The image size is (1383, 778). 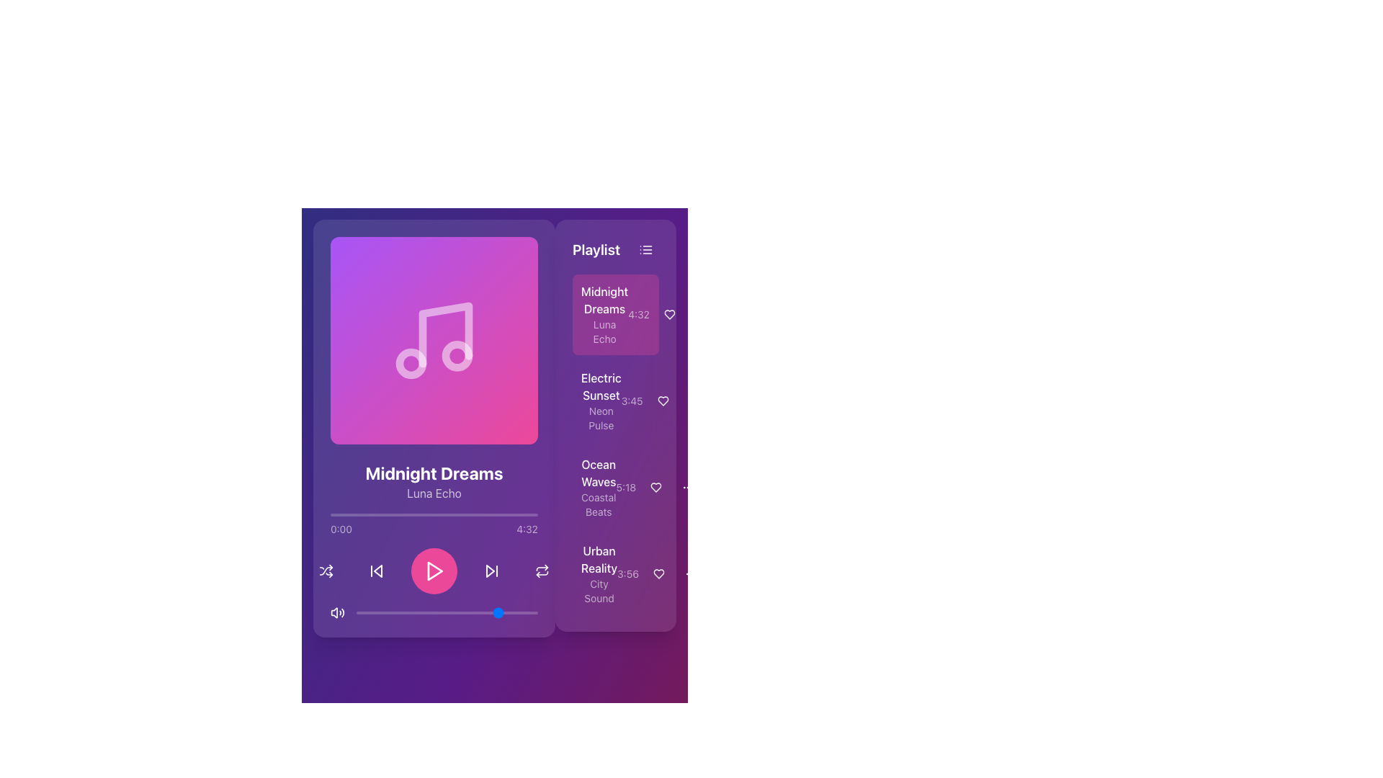 What do you see at coordinates (434, 514) in the screenshot?
I see `the progress bar located at the lower part of the music player interface, positioned above the circular play button, to interact with the playback progress` at bounding box center [434, 514].